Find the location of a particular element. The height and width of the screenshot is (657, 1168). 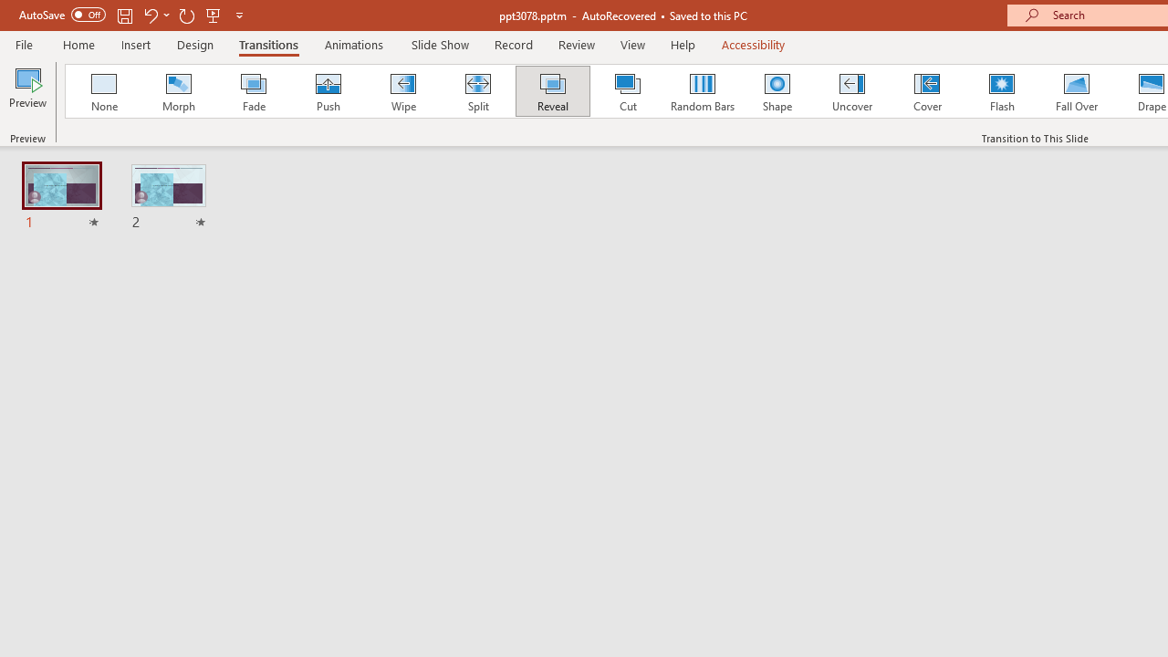

'Cover' is located at coordinates (927, 91).